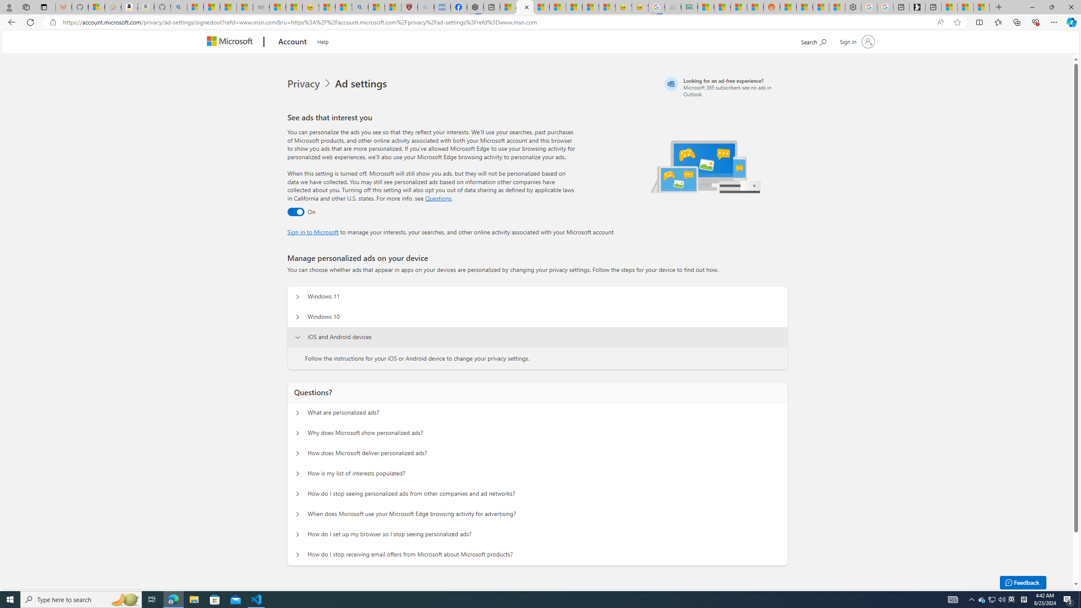  I want to click on 'Combat Siege', so click(261, 7).